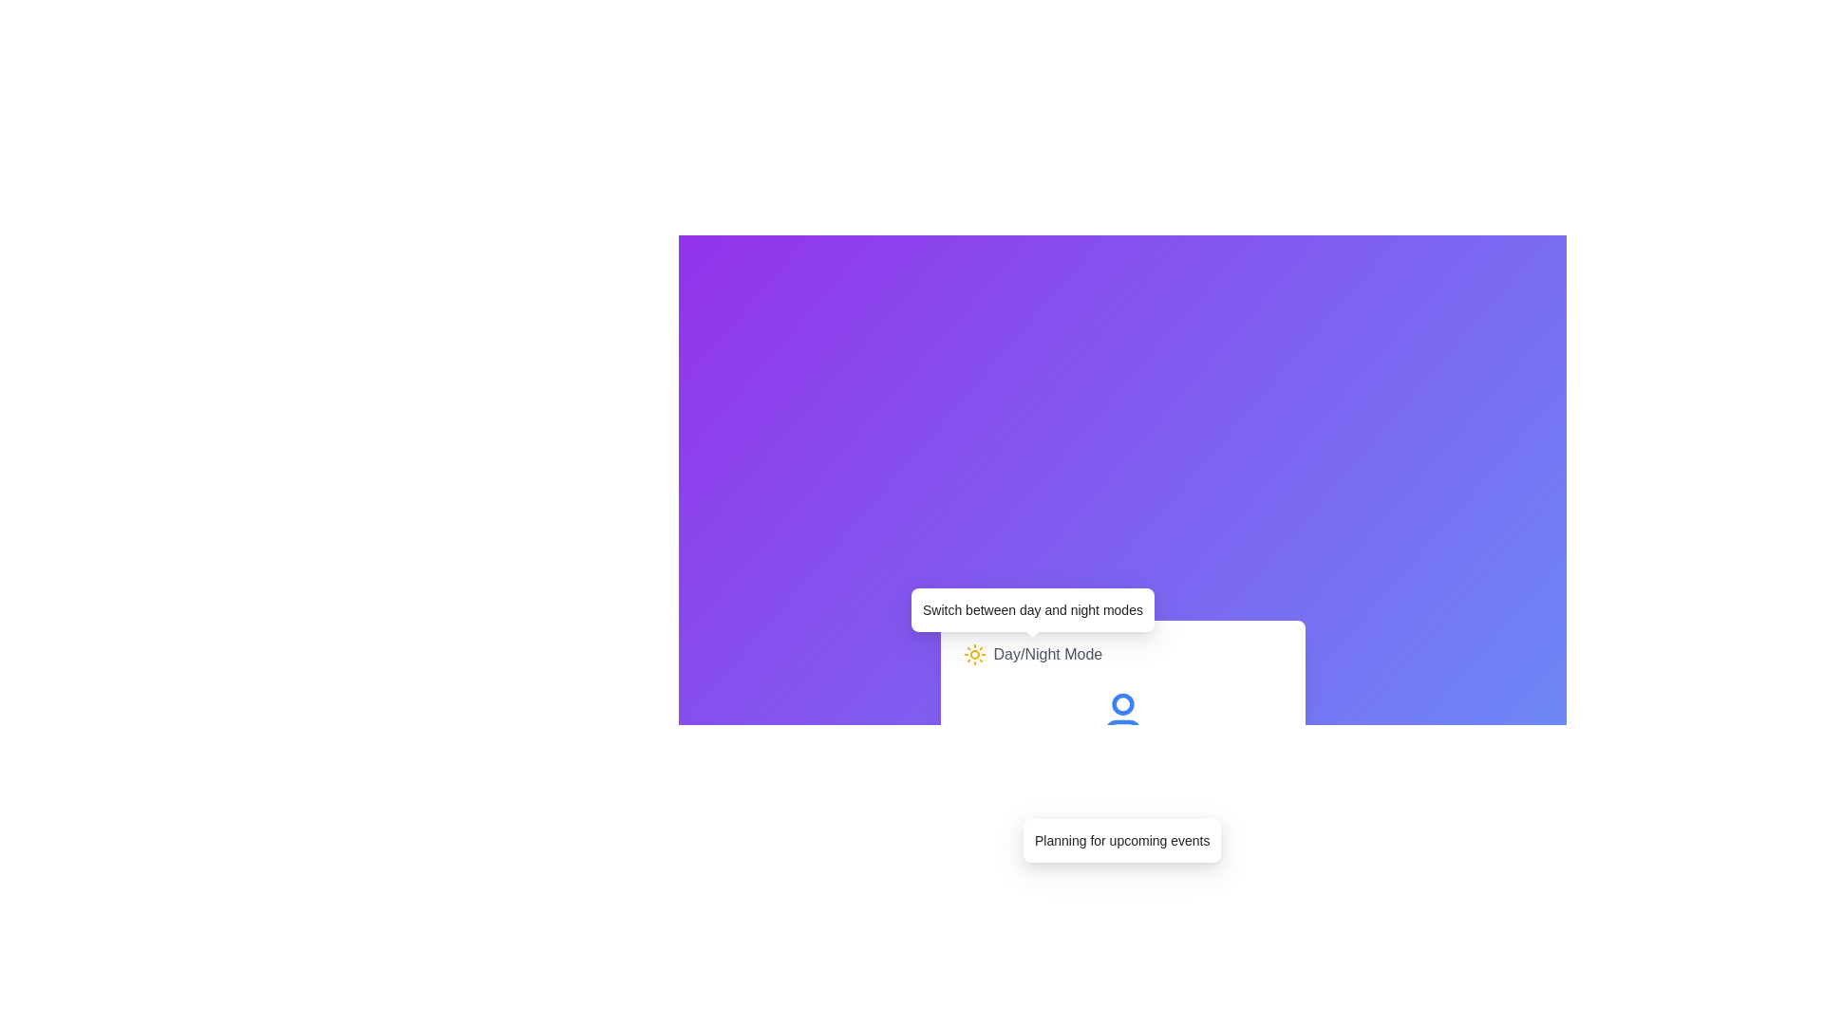 This screenshot has width=1823, height=1025. I want to click on the user profile icon, which is a blue SVG graphic featuring a circular head and semi-oval body, located centrally above the name 'John Doe' and the role 'Full-Stack Developer', so click(1122, 715).